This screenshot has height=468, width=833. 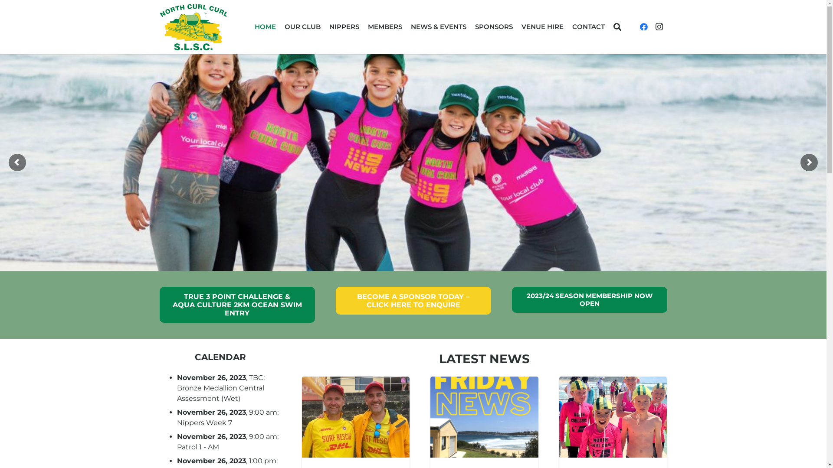 I want to click on 'Instagram', so click(x=659, y=26).